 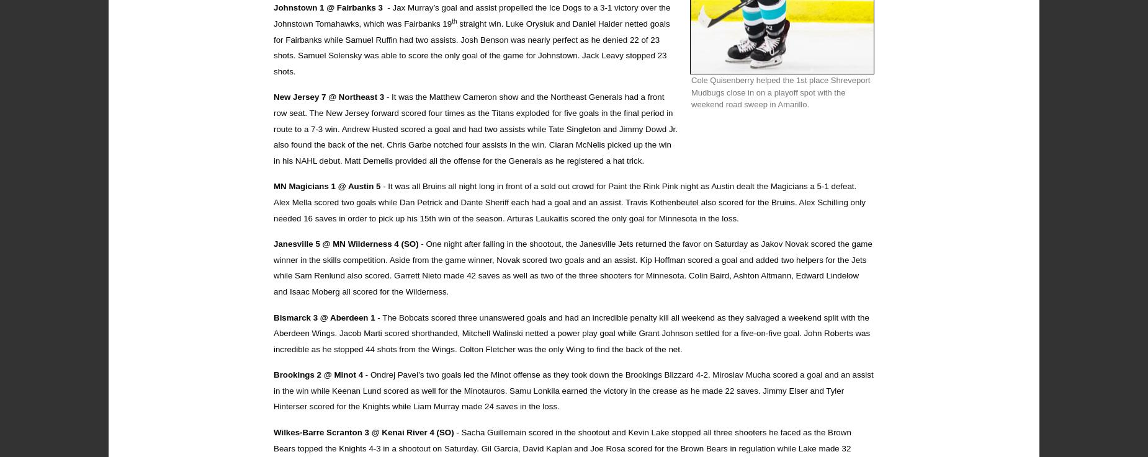 What do you see at coordinates (573, 390) in the screenshot?
I see `'- Ondrej Pavel’s two goals led the Minot offense as they took down the Brookings Blizzard 4-2. Miroslav Mucha scored a goal and an assist in the win while Keenan Lund scored as well for the Minotauros. Samu Lonkila earned the victory in the crease as he made 22 saves. Jimmy Elser and Tyler Hinterser scored for the Knights while Liam Murray made 24 saves in the loss.'` at bounding box center [573, 390].